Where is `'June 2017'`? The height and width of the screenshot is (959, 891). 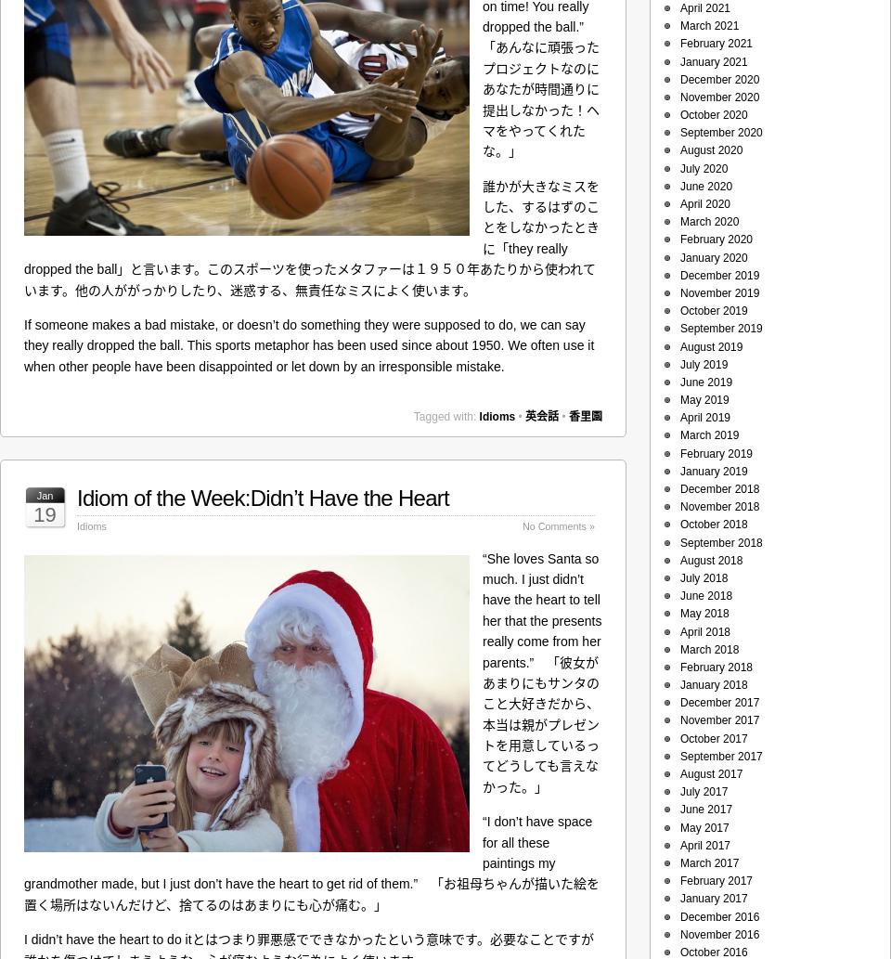
'June 2017' is located at coordinates (704, 808).